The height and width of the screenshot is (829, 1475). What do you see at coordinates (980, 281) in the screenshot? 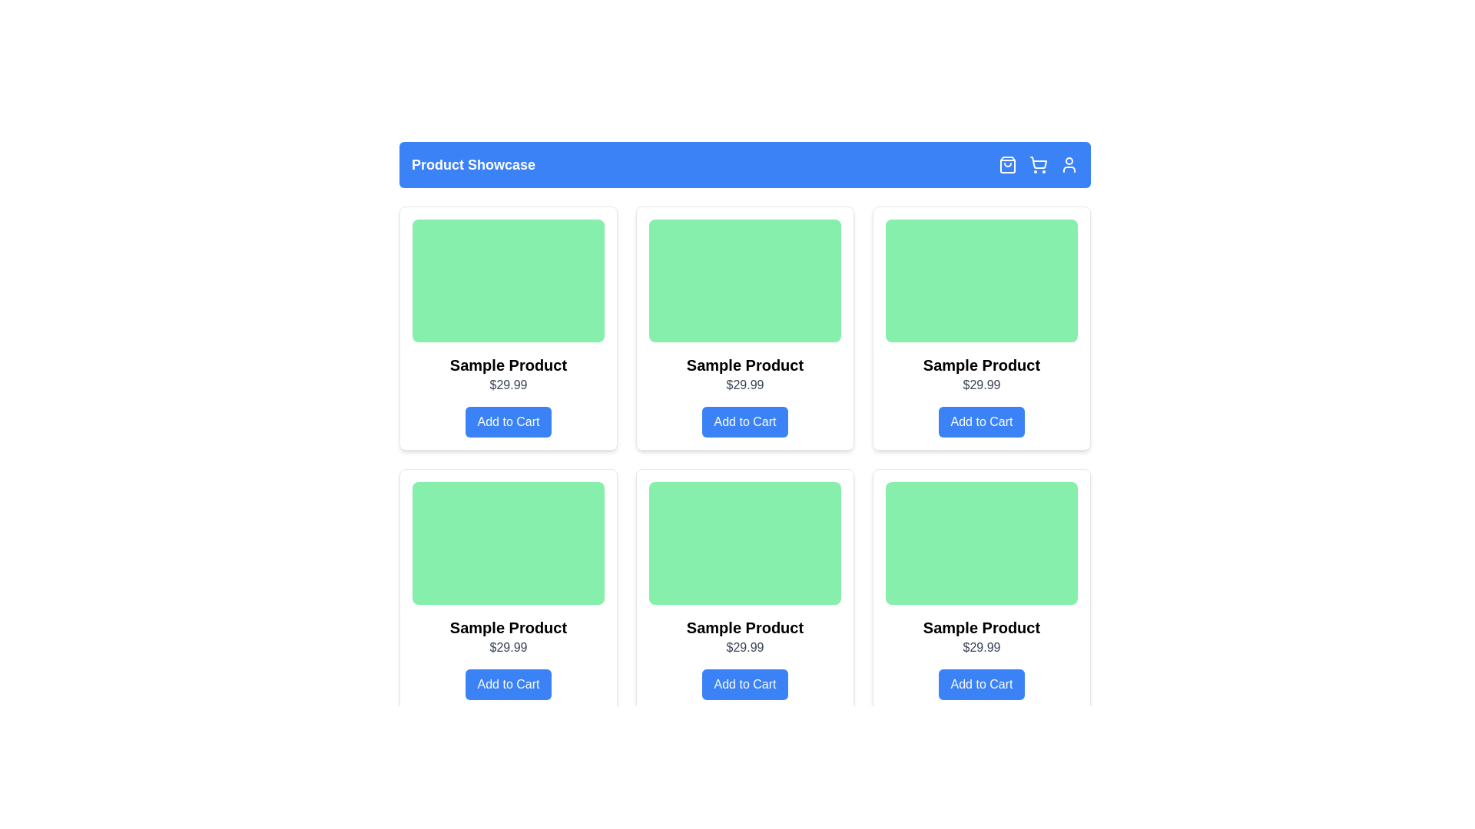
I see `the green rectangular component representing a product item, located in the second column of the first row of product items` at bounding box center [980, 281].